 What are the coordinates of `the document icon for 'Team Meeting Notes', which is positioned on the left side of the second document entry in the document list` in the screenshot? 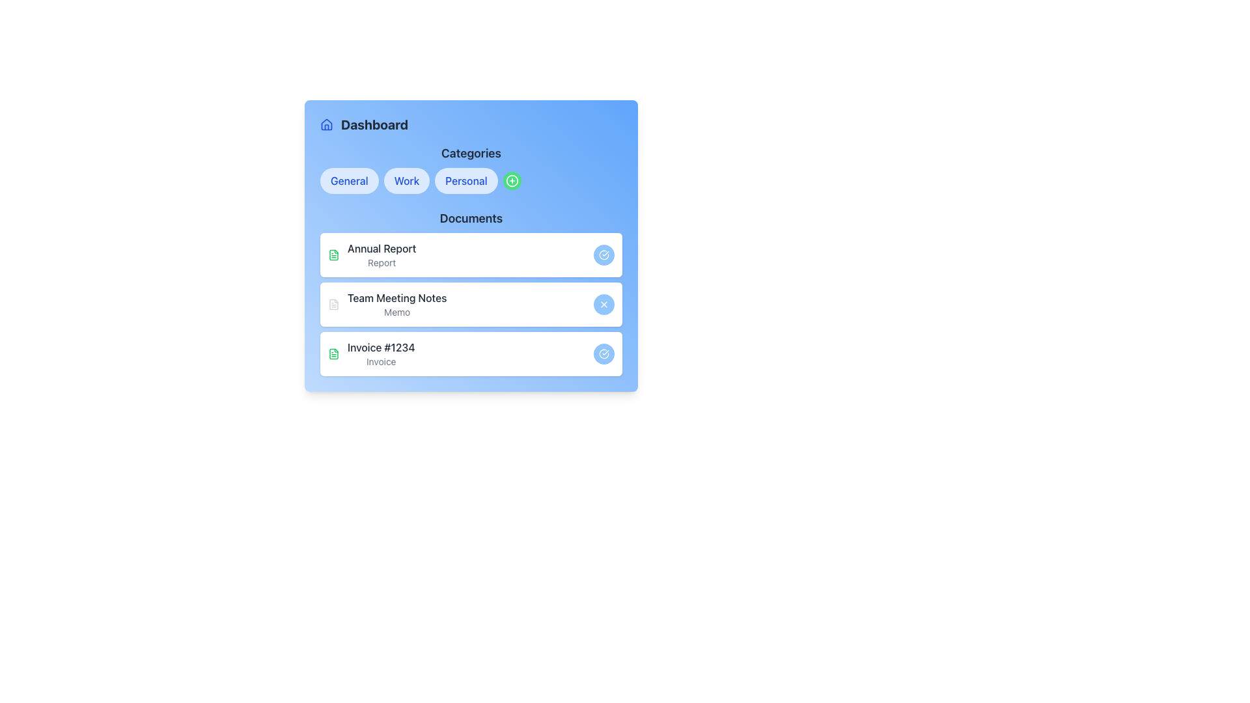 It's located at (334, 304).